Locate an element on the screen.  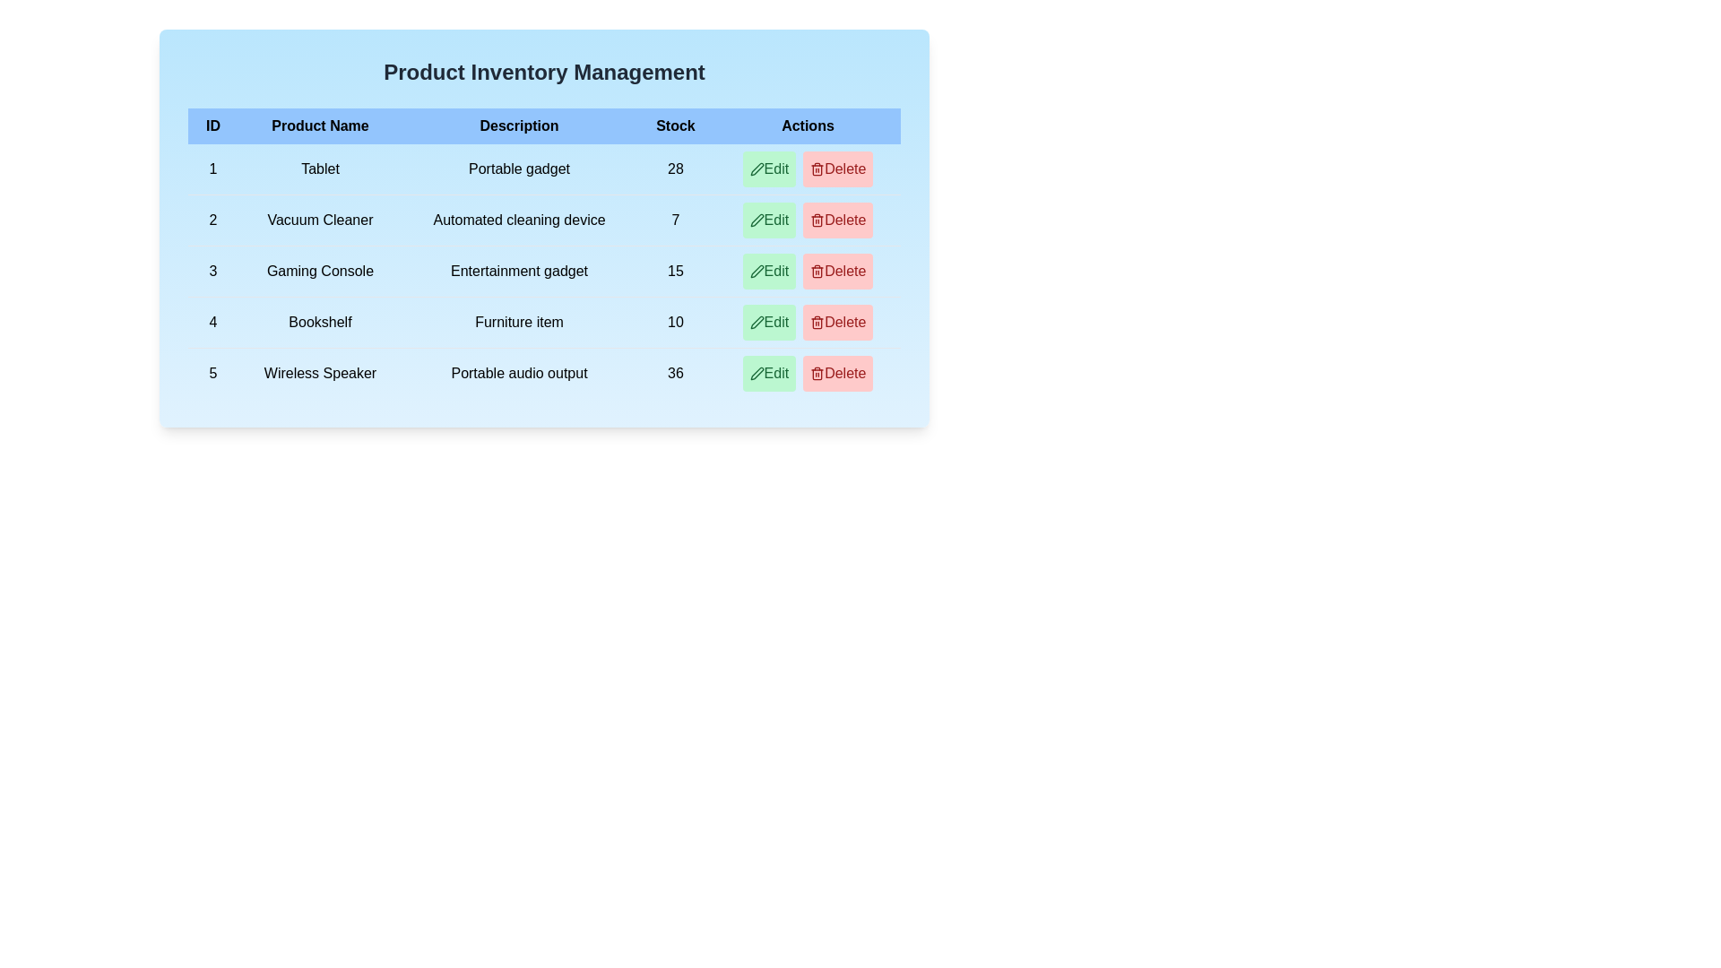
text snippet '3' located in the third row under the 'ID' column of the table, which is displayed in a light blue background is located at coordinates (212, 272).